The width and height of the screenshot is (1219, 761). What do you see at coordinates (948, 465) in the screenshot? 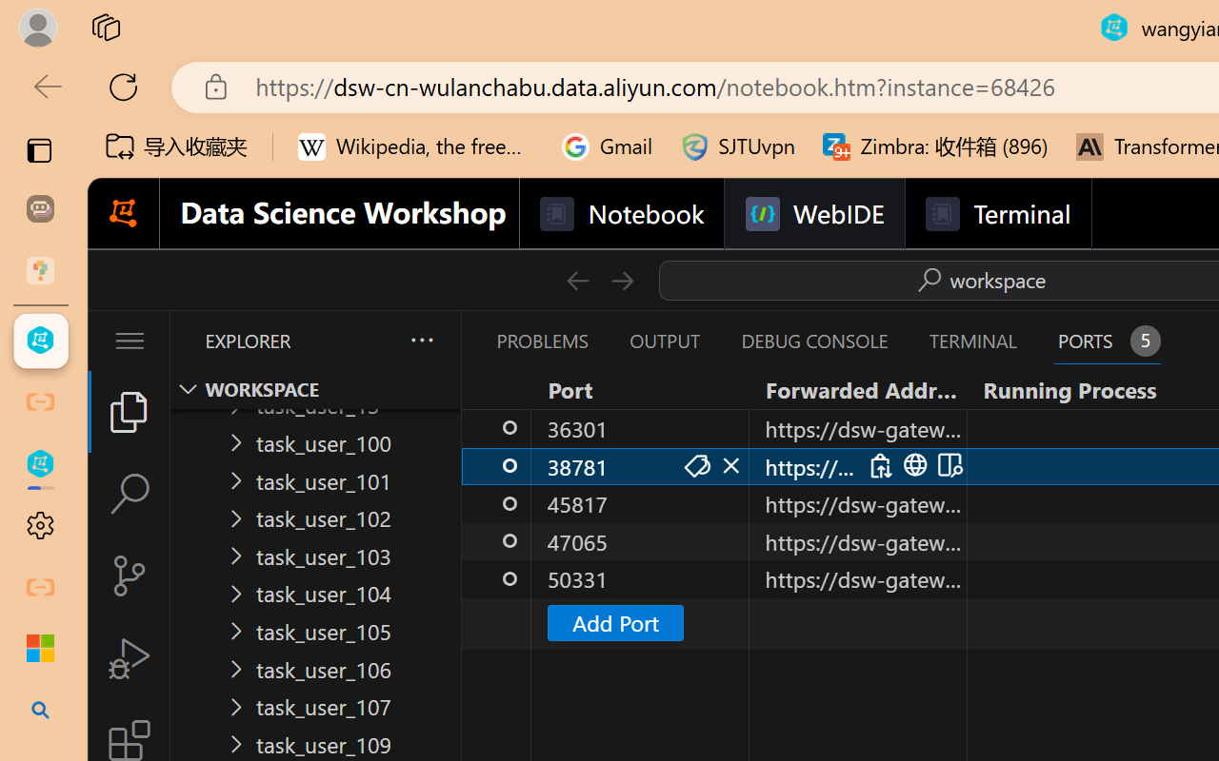
I see `'Preview in Editor'` at bounding box center [948, 465].